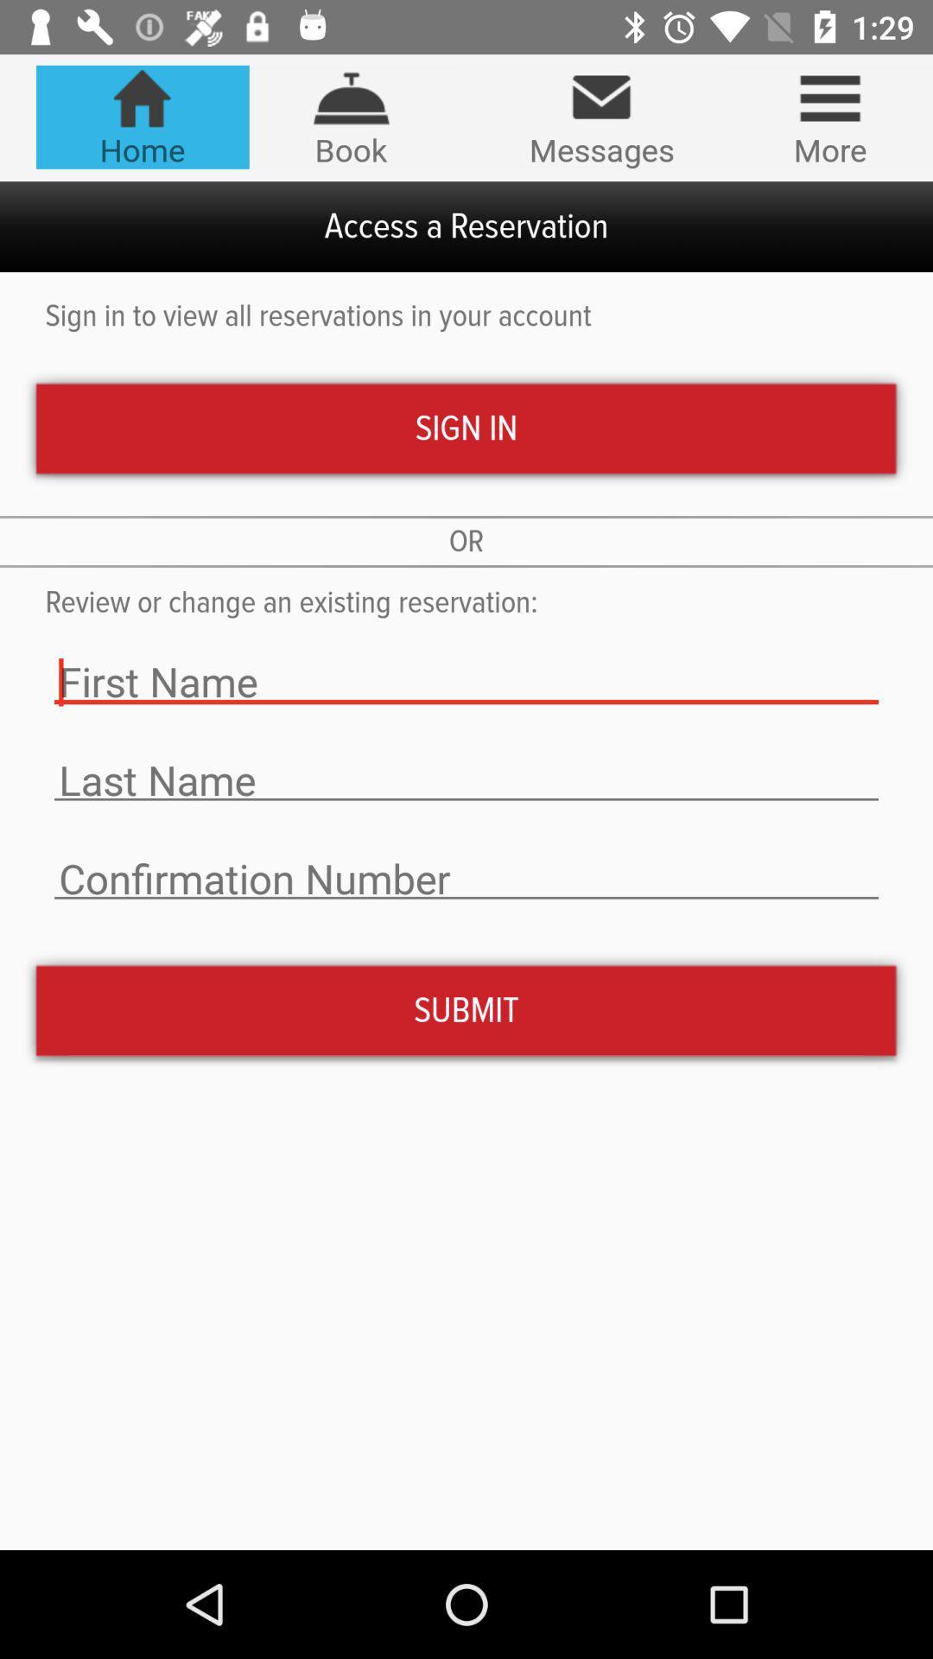 This screenshot has height=1659, width=933. I want to click on type text, so click(466, 879).